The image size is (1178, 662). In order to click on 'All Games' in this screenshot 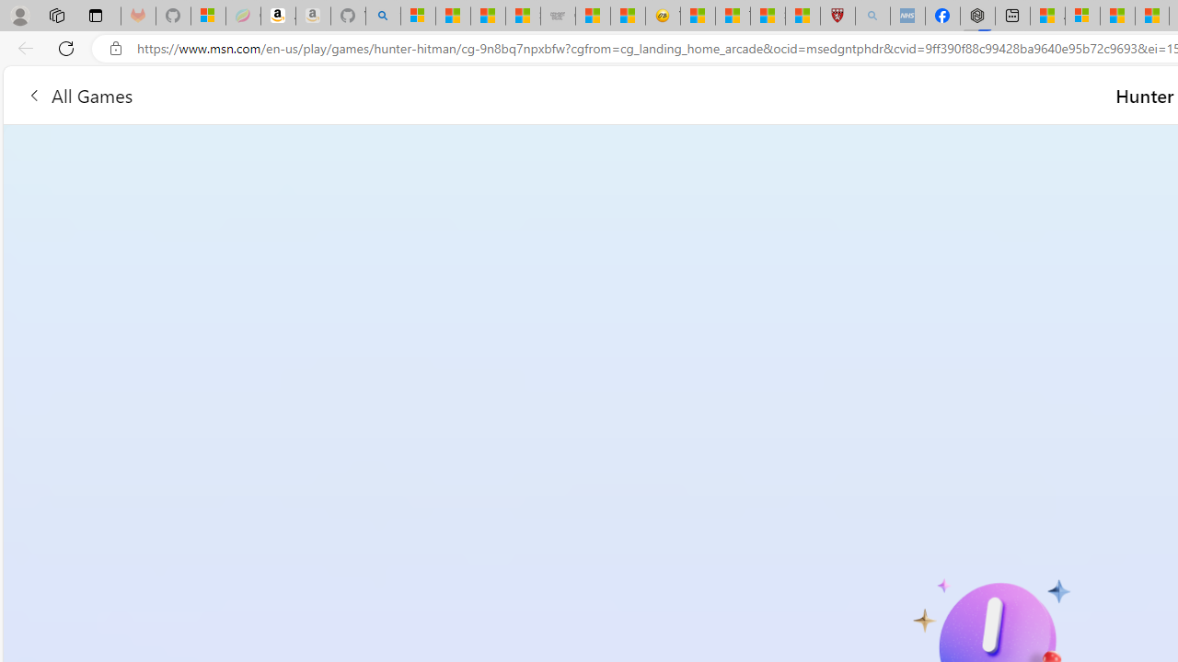, I will do `click(78, 95)`.